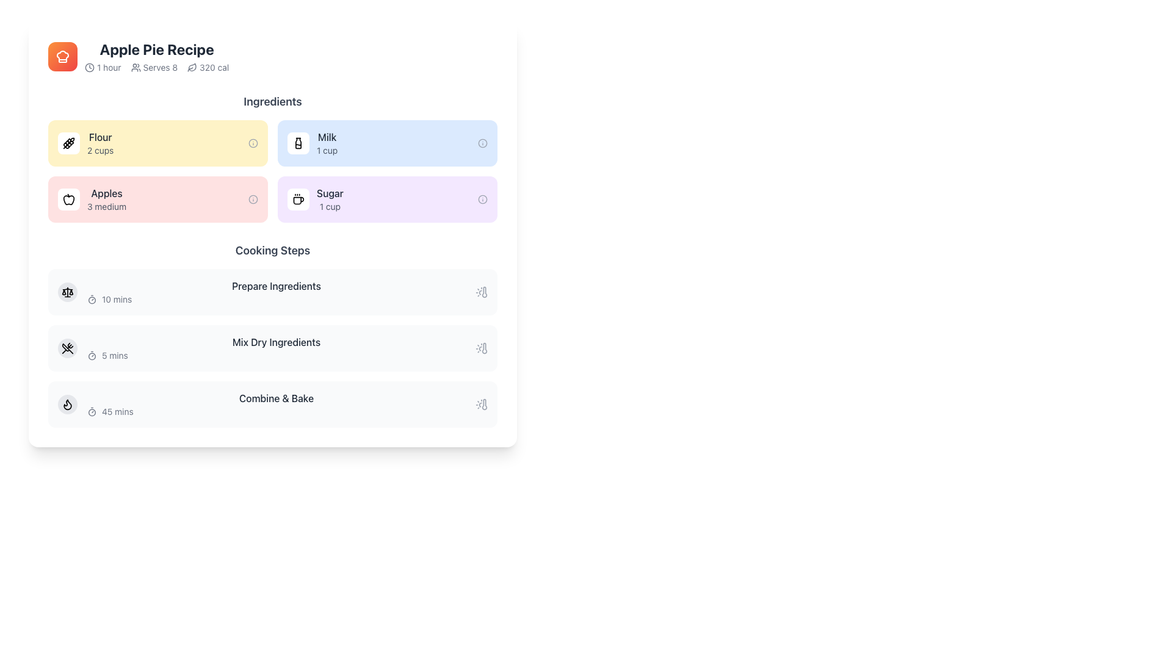 The height and width of the screenshot is (659, 1172). I want to click on the text label 'Prepare Ingredients' located in the cooking steps section of the recipe card, so click(275, 292).